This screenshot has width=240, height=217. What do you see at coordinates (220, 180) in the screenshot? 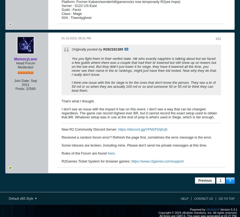
I see `'1'` at bounding box center [220, 180].